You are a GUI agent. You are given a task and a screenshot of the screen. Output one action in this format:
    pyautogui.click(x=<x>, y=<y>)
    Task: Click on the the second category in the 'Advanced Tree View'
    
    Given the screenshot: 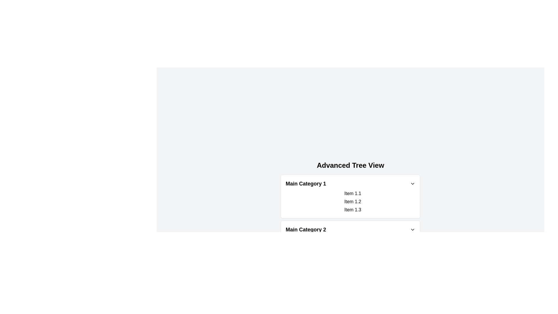 What is the action you would take?
    pyautogui.click(x=350, y=238)
    